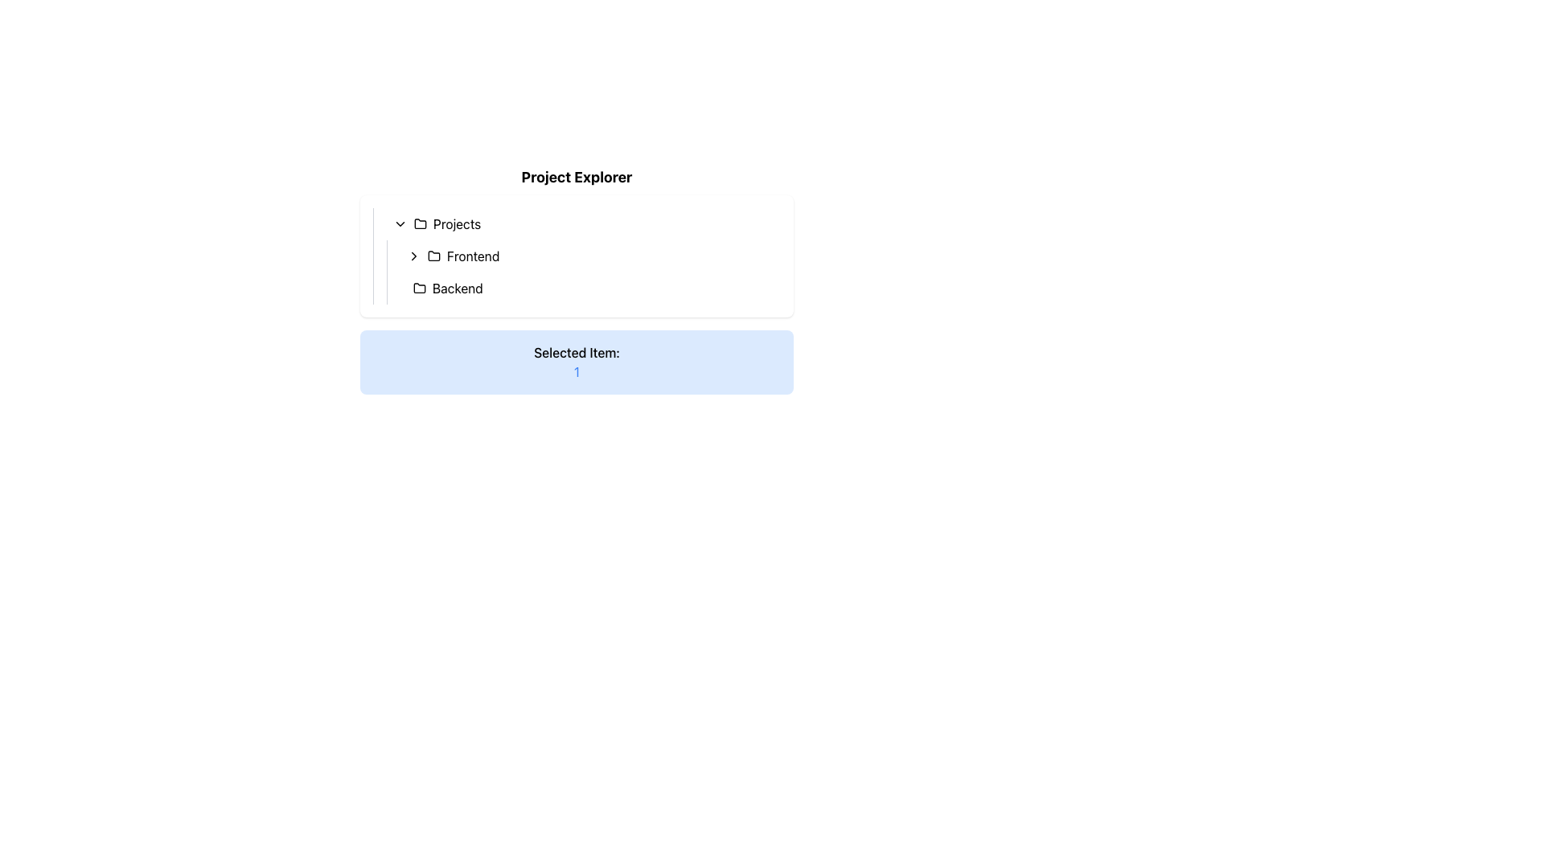 The image size is (1544, 868). I want to click on the folder icon representing the 'Frontend' directory, so click(433, 256).